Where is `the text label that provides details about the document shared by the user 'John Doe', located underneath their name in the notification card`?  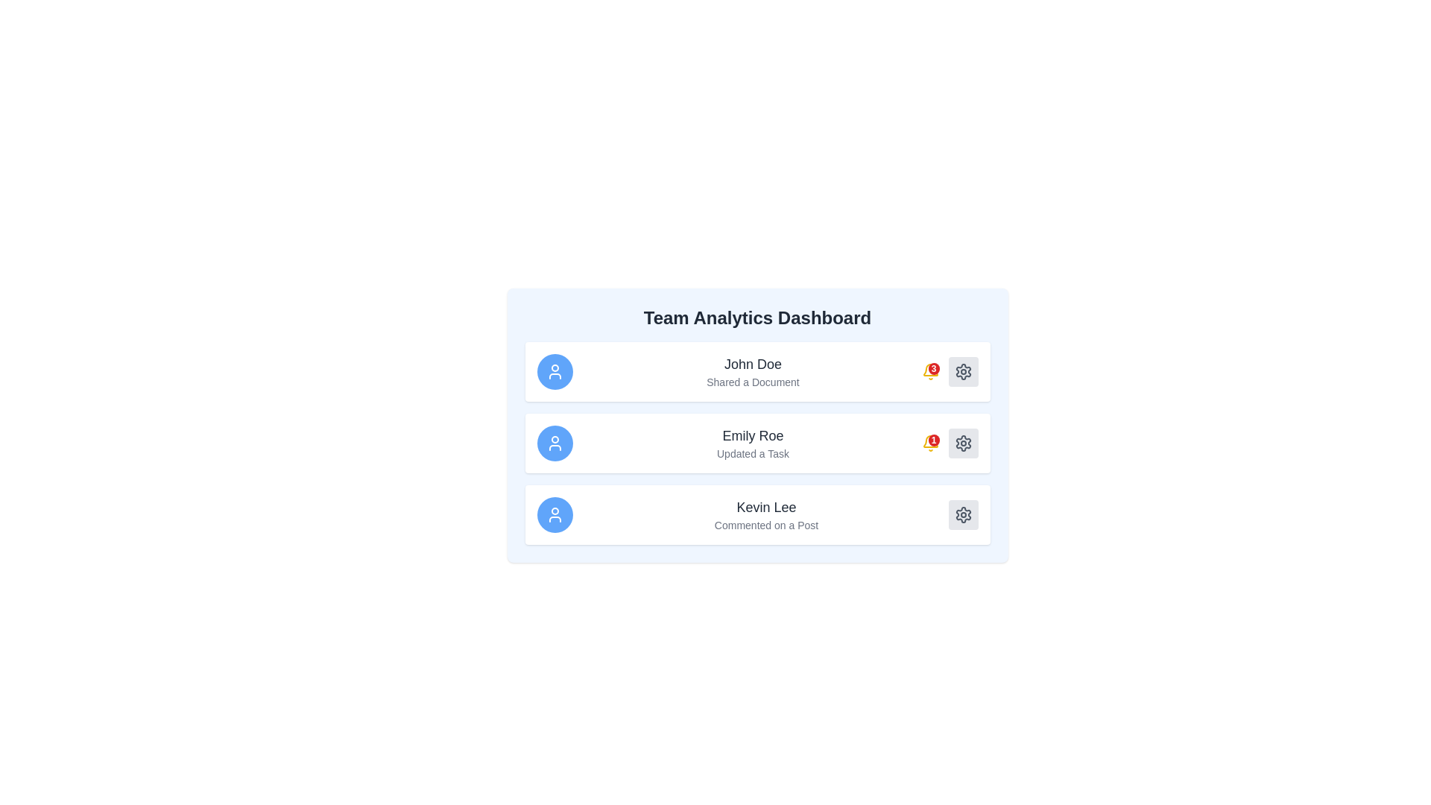 the text label that provides details about the document shared by the user 'John Doe', located underneath their name in the notification card is located at coordinates (753, 382).